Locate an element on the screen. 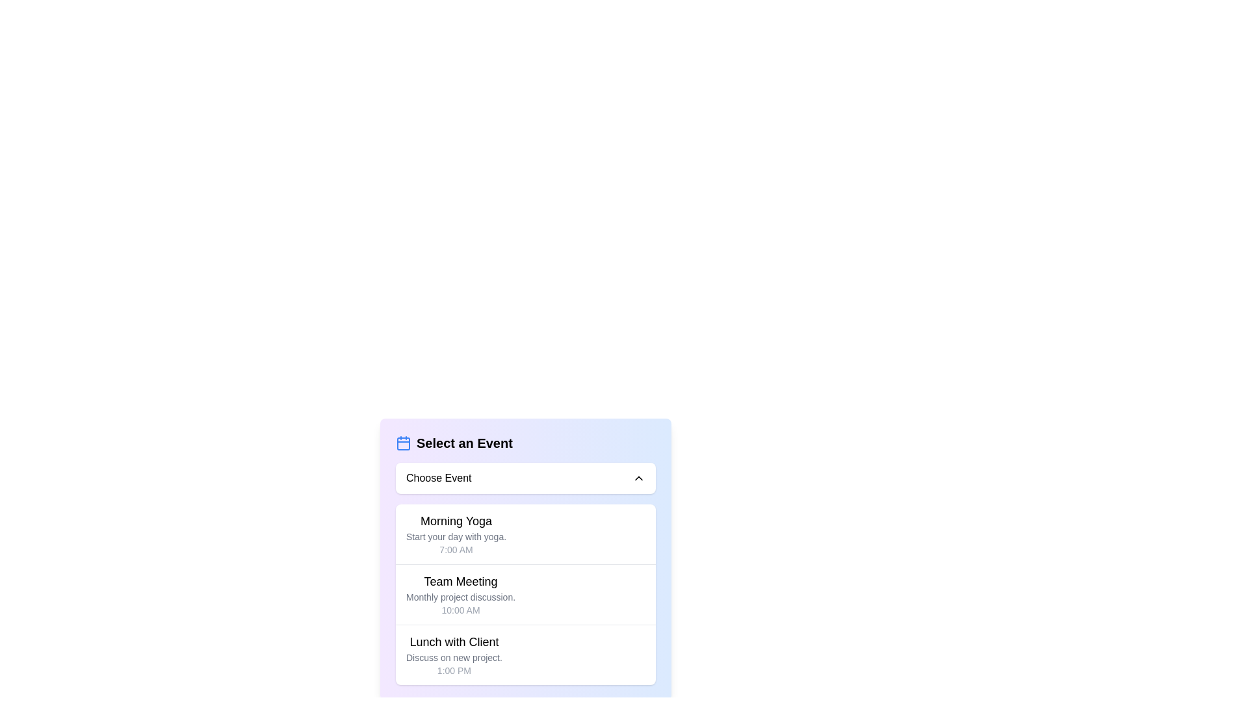 The image size is (1248, 702). the descriptive text label that reads 'Monthly project discussion.' which is styled in gray and located within the event card's second row is located at coordinates (461, 597).